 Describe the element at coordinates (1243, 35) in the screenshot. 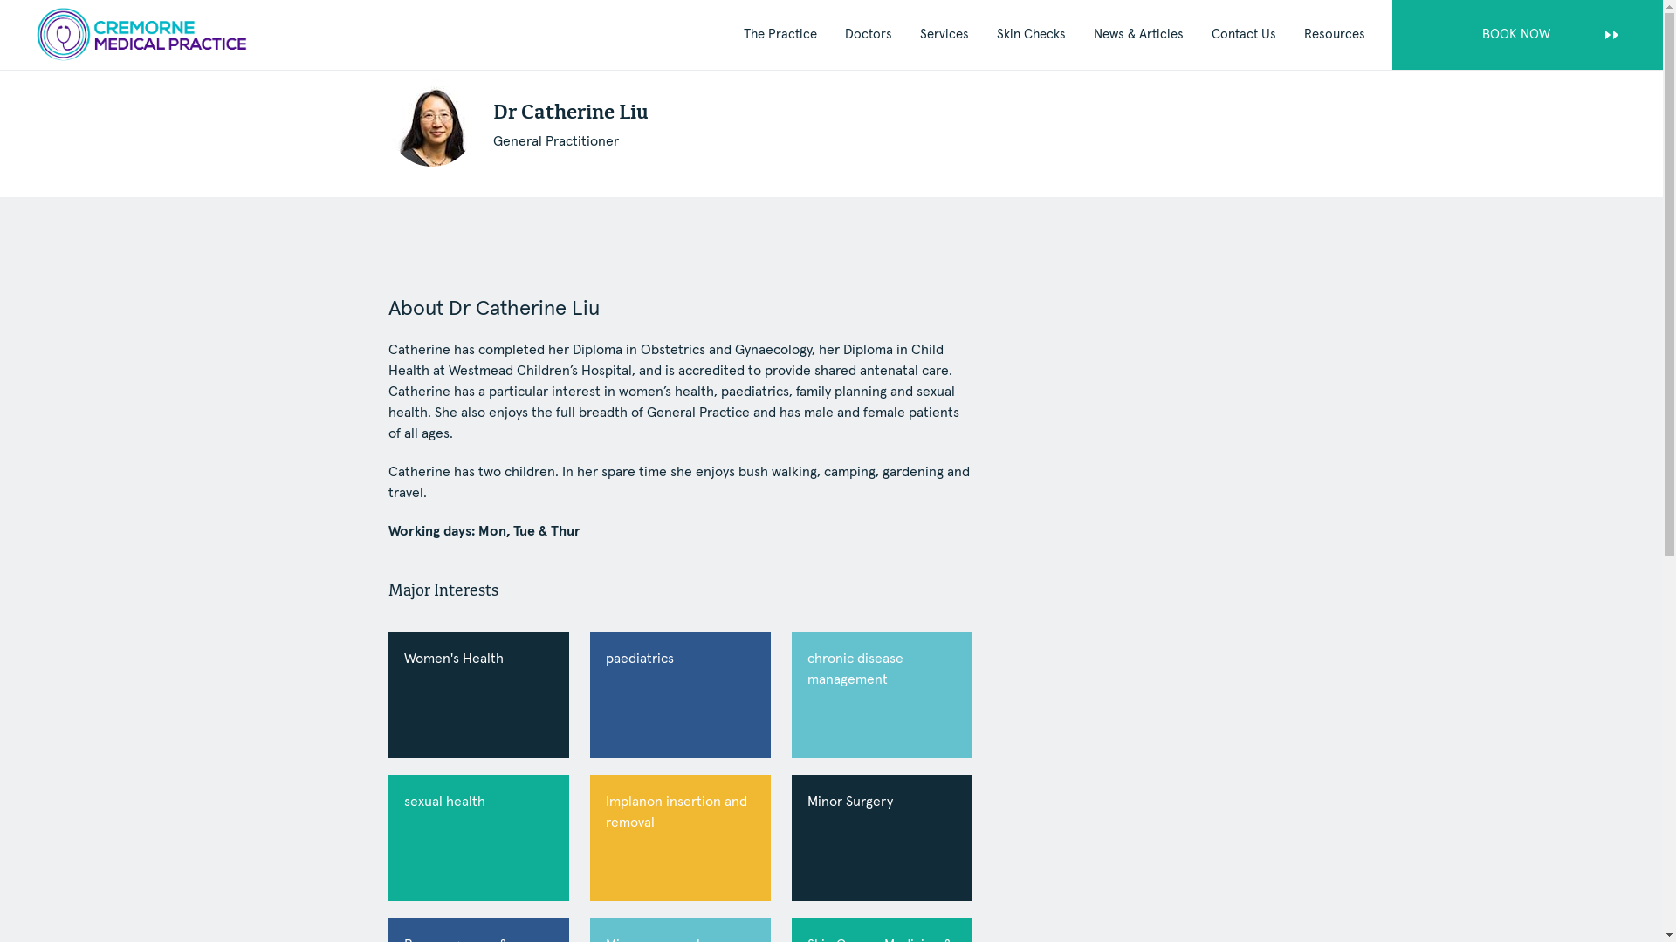

I see `'Contact Us'` at that location.